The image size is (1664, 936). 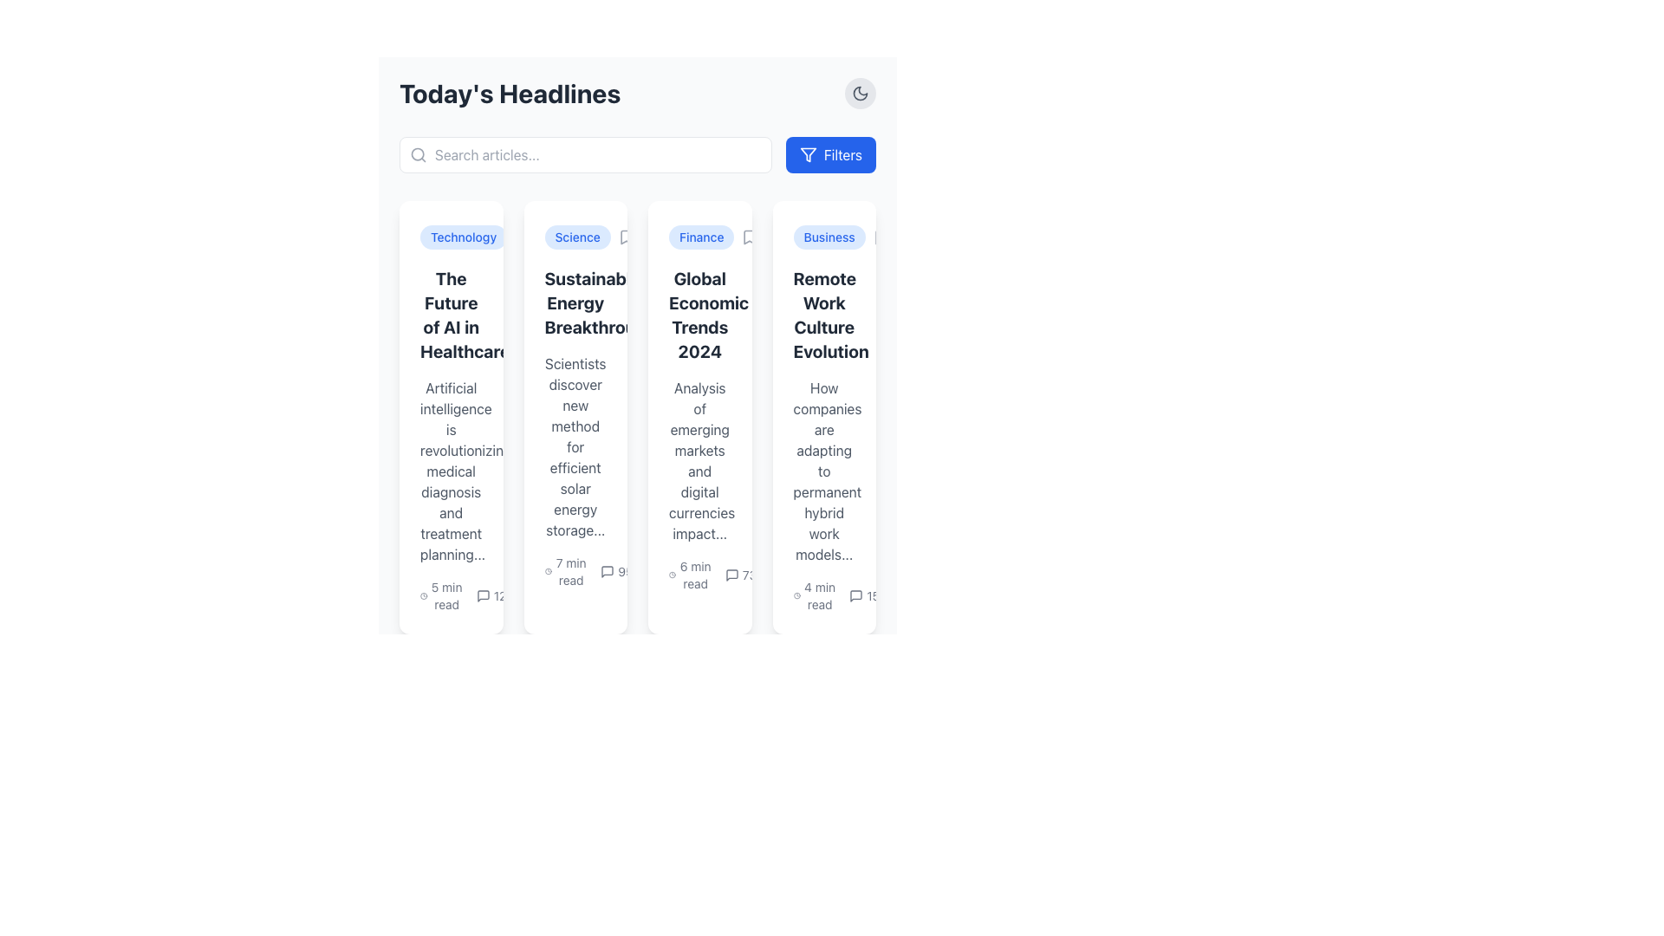 What do you see at coordinates (451, 315) in the screenshot?
I see `the headline text labeled 'The Future of AI in Healthcare', which is styled in bold font and located beneath the 'Technology' label in a vertically-aligned list of articles` at bounding box center [451, 315].